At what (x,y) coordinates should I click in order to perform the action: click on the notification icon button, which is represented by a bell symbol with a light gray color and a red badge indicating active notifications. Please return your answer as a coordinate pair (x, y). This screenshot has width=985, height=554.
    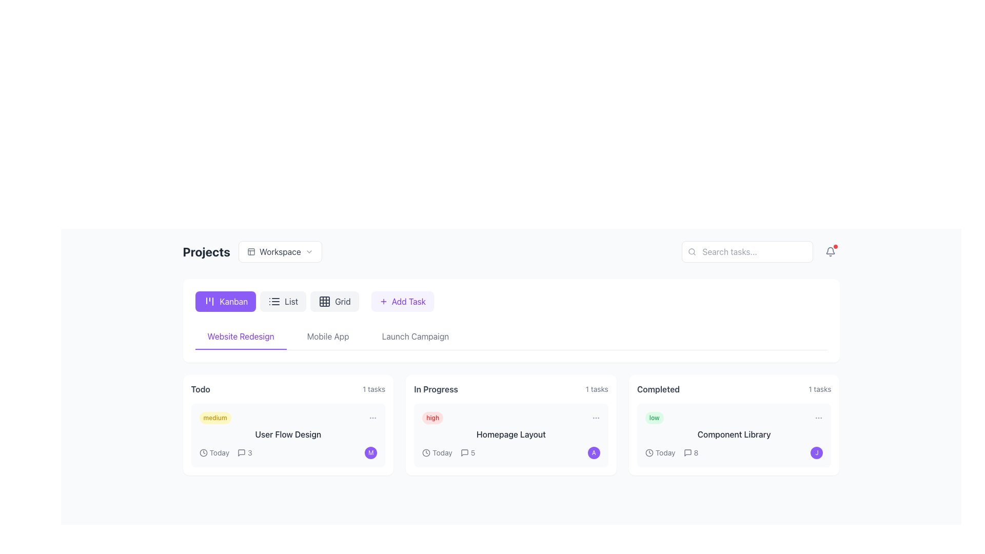
    Looking at the image, I should click on (830, 251).